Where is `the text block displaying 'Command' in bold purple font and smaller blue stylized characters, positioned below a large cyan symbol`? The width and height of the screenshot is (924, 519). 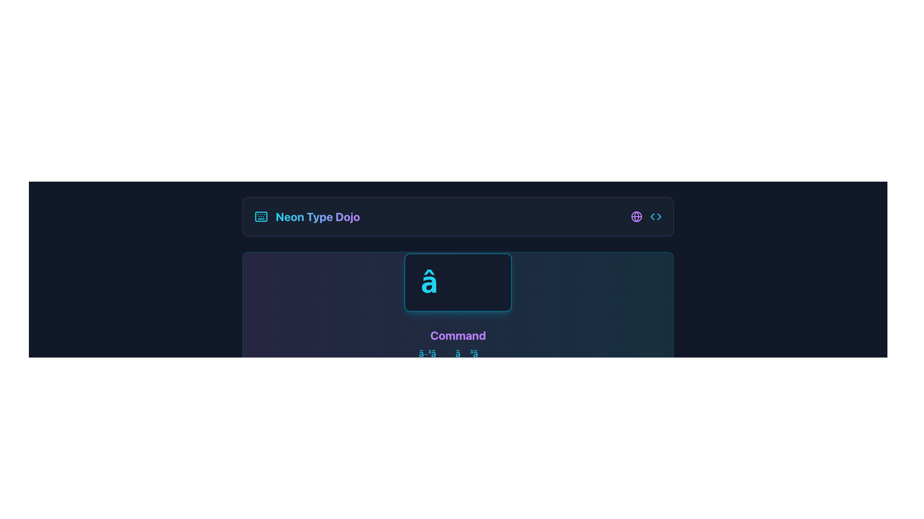 the text block displaying 'Command' in bold purple font and smaller blue stylized characters, positioned below a large cyan symbol is located at coordinates (457, 313).